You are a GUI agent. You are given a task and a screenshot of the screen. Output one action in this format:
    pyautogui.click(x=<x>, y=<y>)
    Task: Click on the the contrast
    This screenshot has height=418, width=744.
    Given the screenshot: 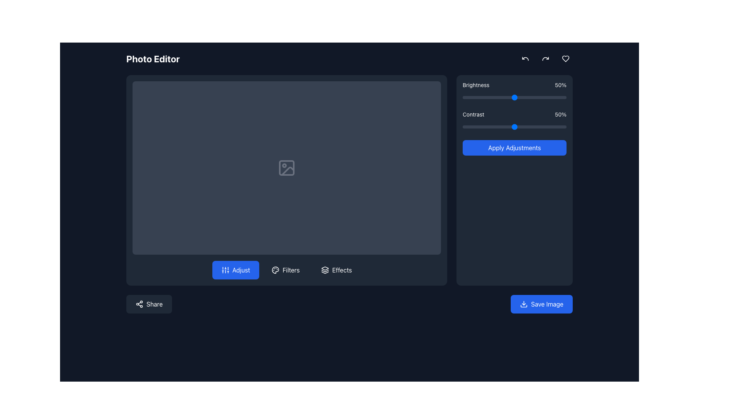 What is the action you would take?
    pyautogui.click(x=488, y=126)
    